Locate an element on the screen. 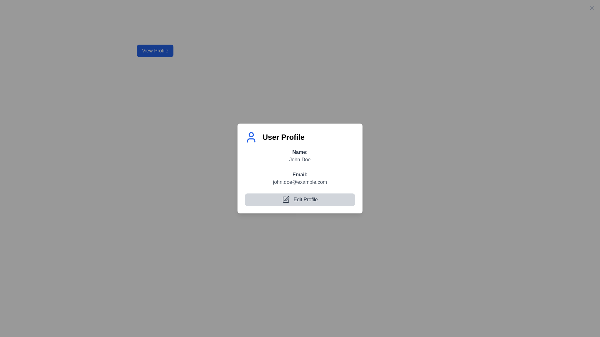 The image size is (600, 337). the 'Edit Profile' button with a light gray background and a pen icon, located at the bottom of the user profile card is located at coordinates (300, 199).